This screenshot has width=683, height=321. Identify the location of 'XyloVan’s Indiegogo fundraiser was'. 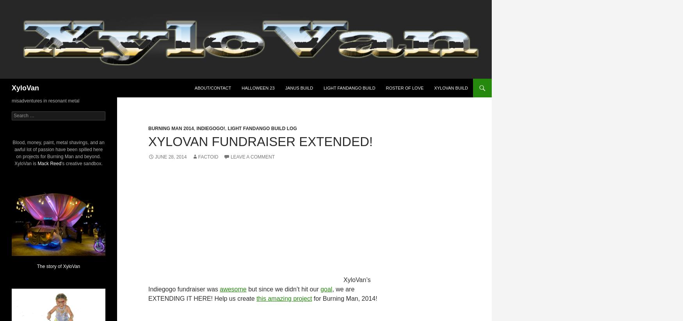
(259, 284).